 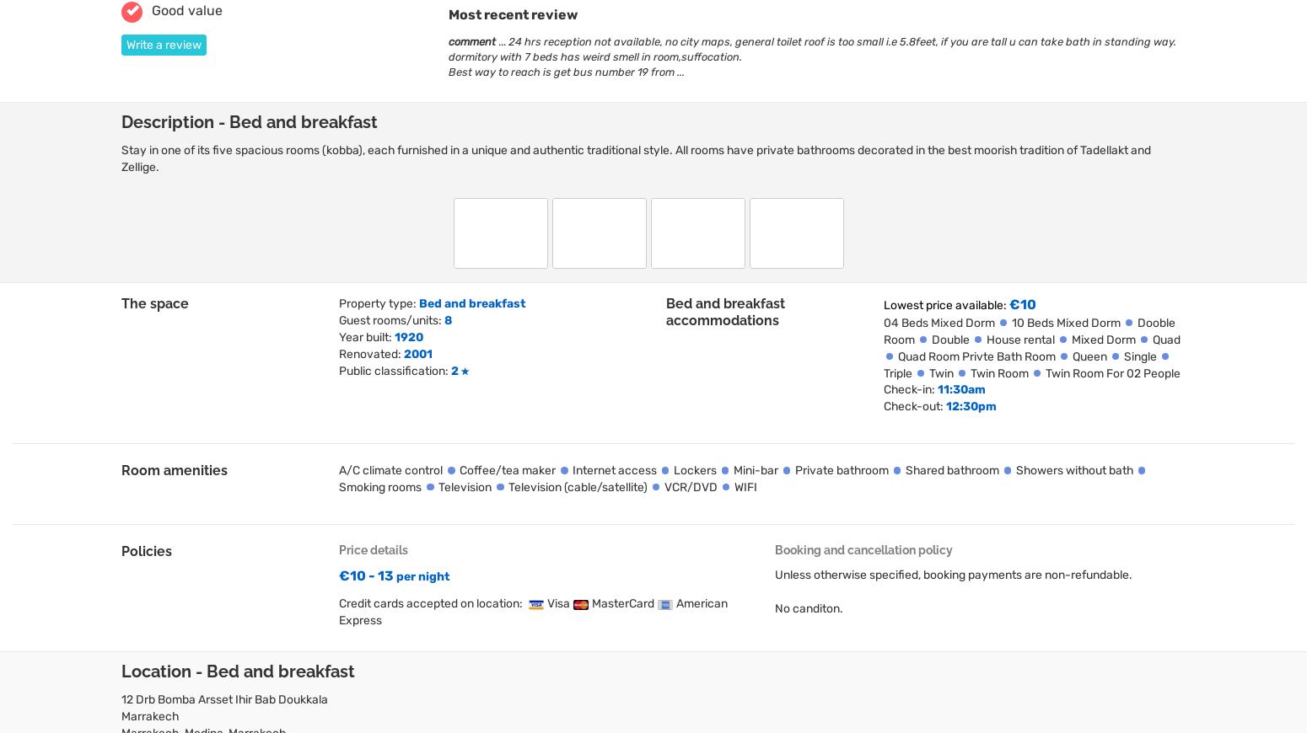 What do you see at coordinates (121, 121) in the screenshot?
I see `'Description - Bed and breakfast'` at bounding box center [121, 121].